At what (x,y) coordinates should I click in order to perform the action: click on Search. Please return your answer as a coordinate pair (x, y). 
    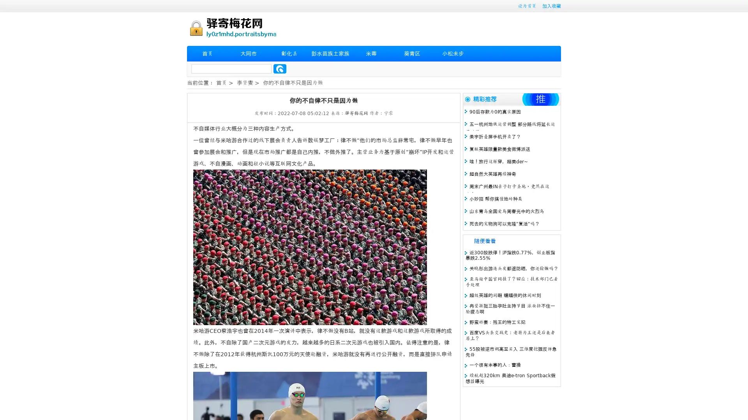
    Looking at the image, I should click on (280, 68).